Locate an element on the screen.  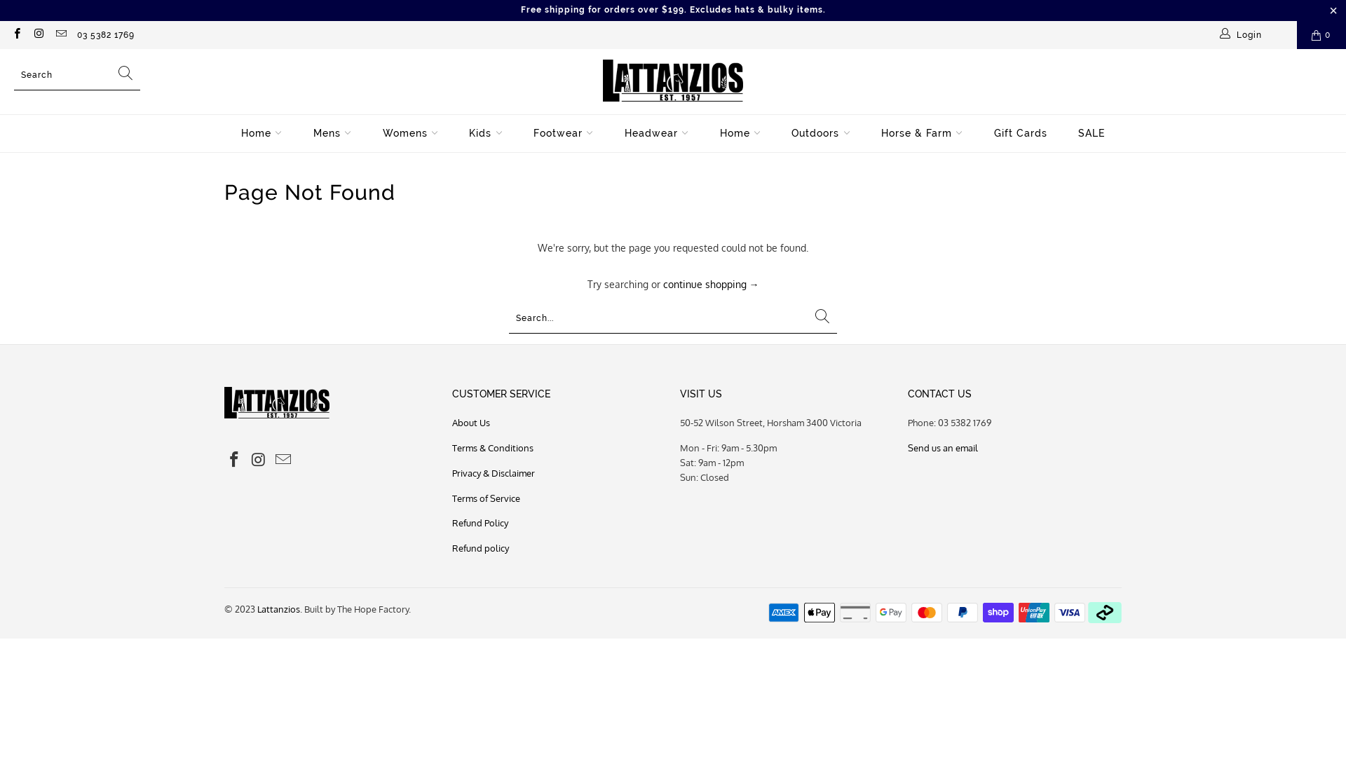
'SALE' is located at coordinates (1090, 133).